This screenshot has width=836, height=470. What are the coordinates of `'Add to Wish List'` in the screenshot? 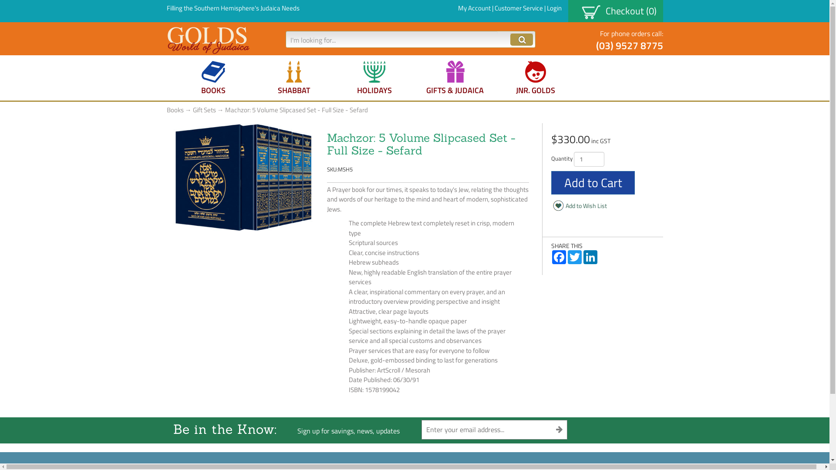 It's located at (551, 206).